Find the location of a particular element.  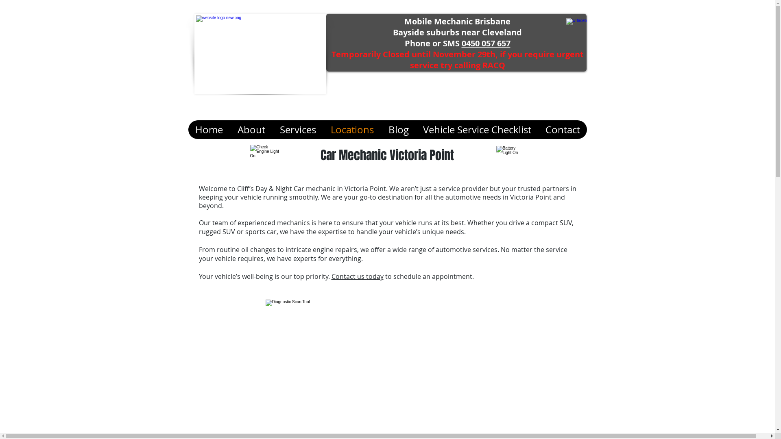

'Blog' is located at coordinates (398, 129).